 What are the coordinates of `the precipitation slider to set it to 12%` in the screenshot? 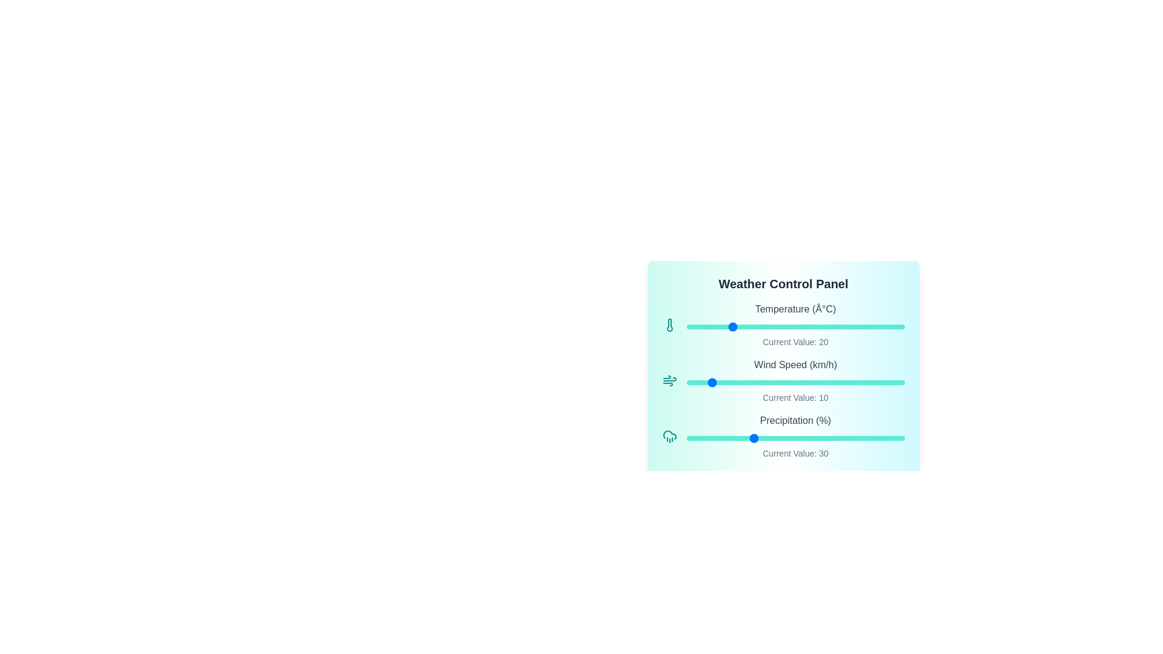 It's located at (712, 438).